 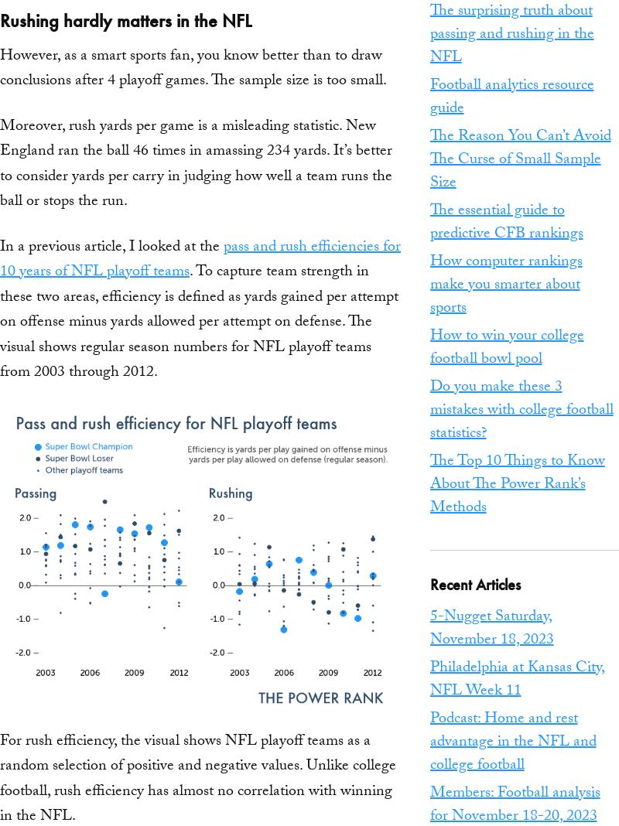 I want to click on 'How computer rankings make you smarter about sports', so click(x=504, y=285).